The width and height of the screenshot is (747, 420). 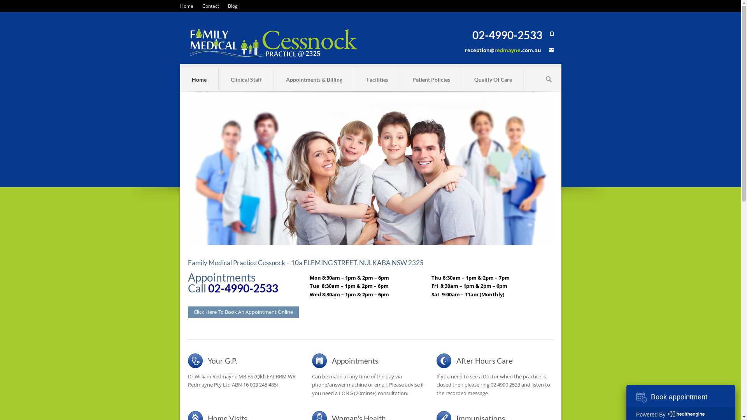 What do you see at coordinates (492, 79) in the screenshot?
I see `'Quality Of Care'` at bounding box center [492, 79].